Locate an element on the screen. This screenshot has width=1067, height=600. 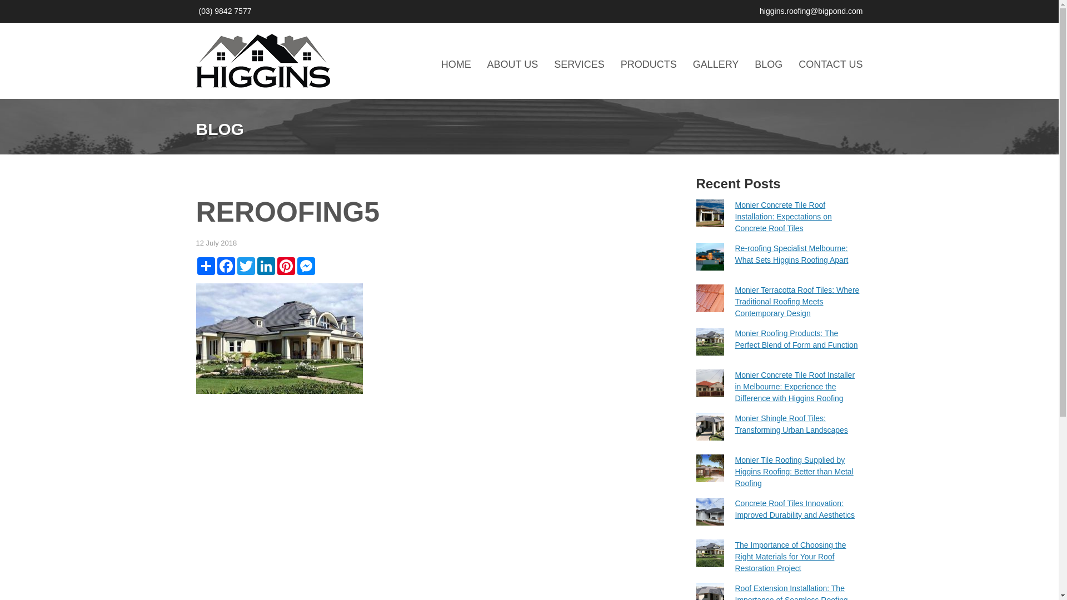
'Facebook' is located at coordinates (225, 266).